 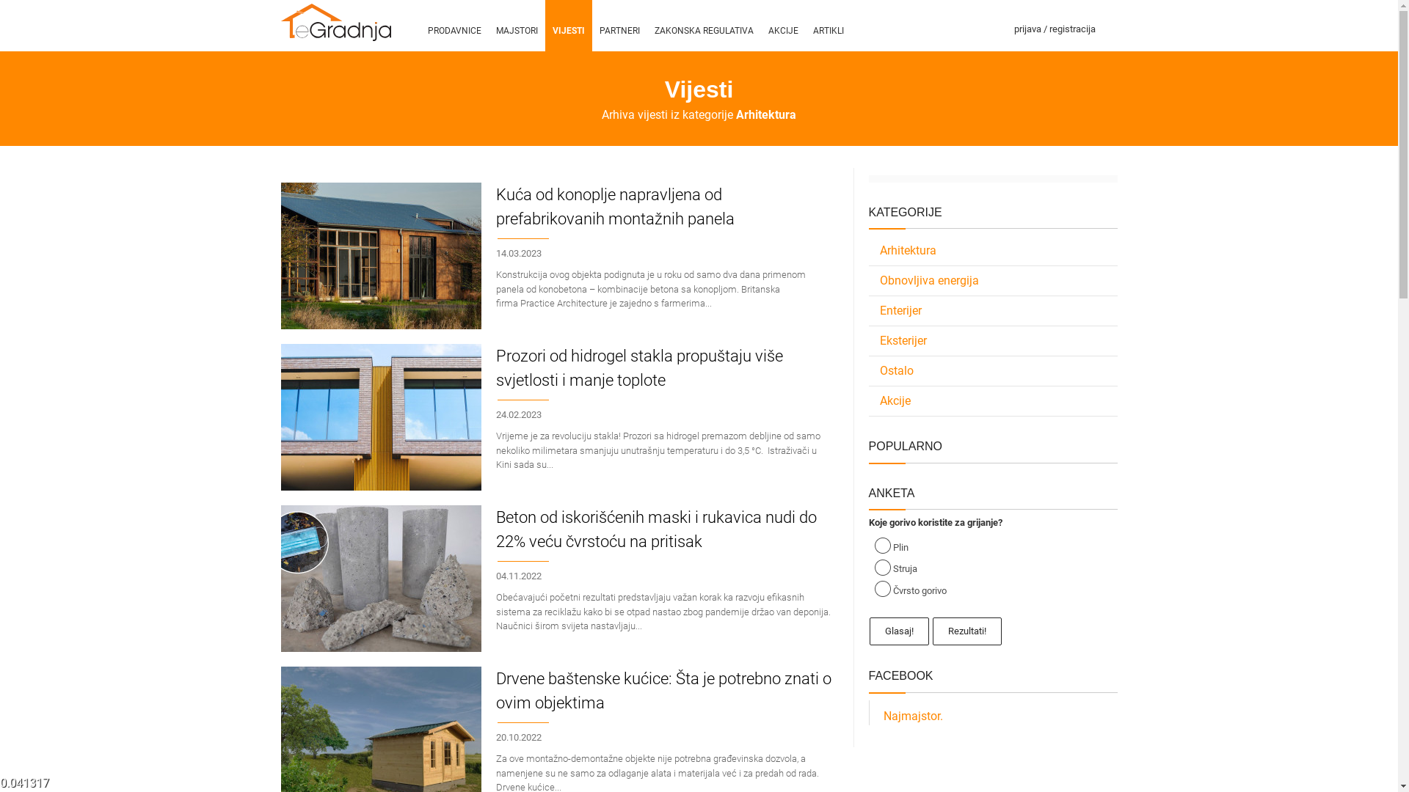 I want to click on 'Obnovljiva energija', so click(x=993, y=280).